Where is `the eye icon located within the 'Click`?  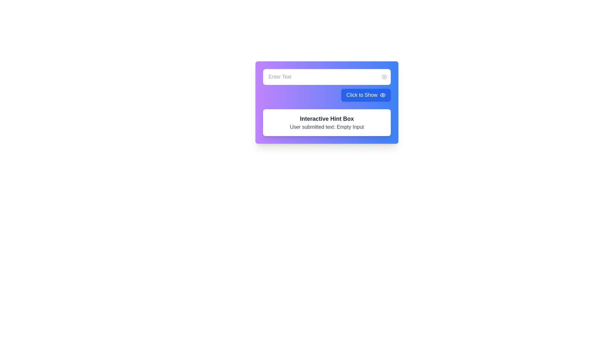
the eye icon located within the 'Click is located at coordinates (383, 95).